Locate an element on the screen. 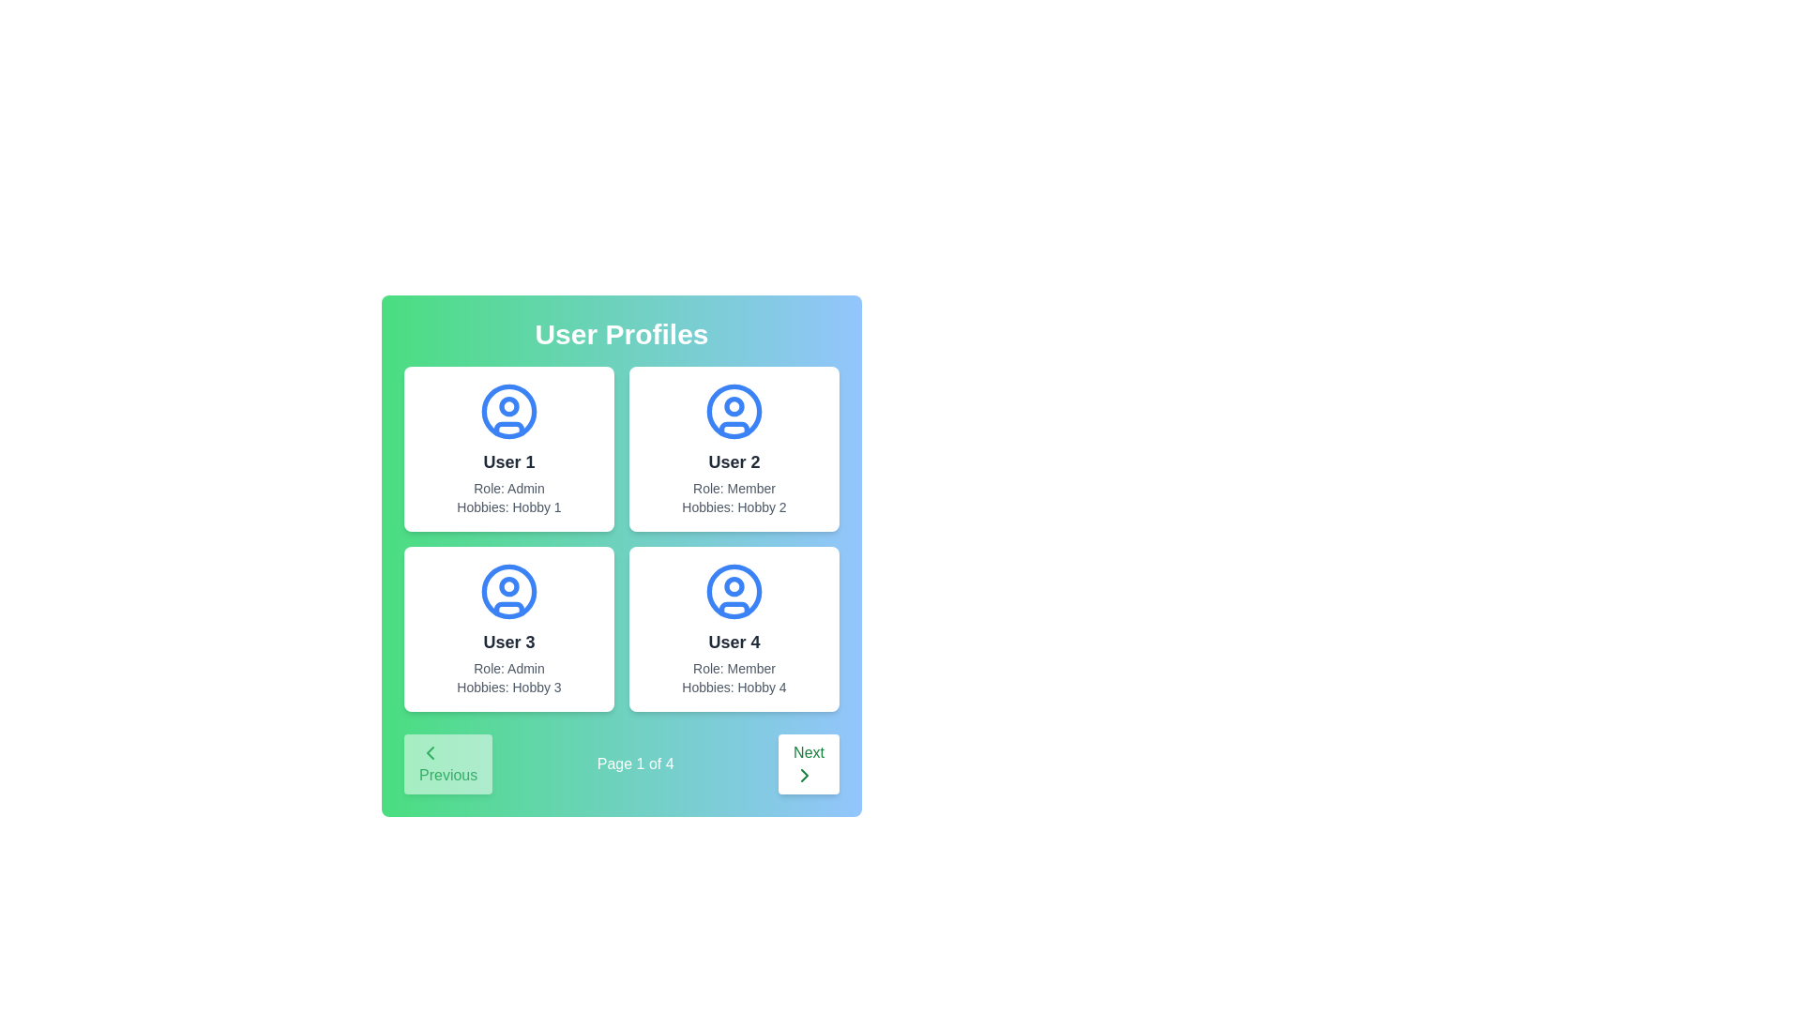 This screenshot has height=1013, width=1801. the static text label displaying 'User 4' located in the fourth user profile card of a 2x2 grid layout, positioned between the SVG user icon and the 'Role: Member' text is located at coordinates (733, 642).